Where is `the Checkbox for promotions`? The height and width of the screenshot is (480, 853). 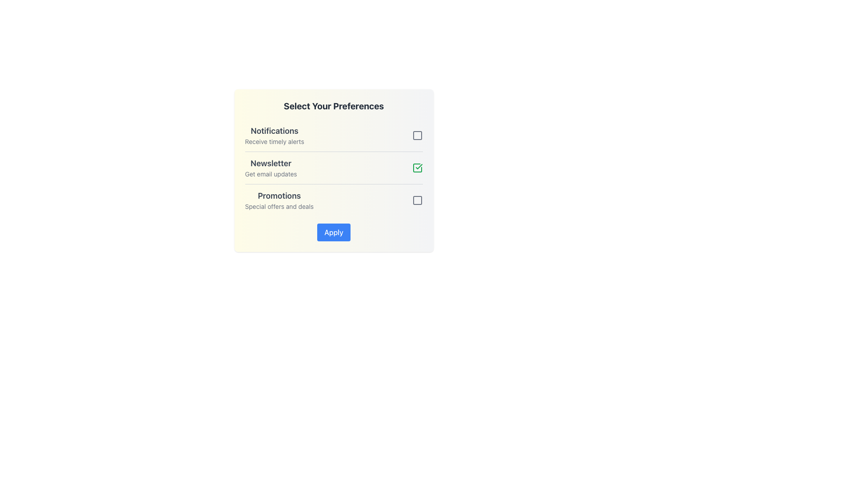 the Checkbox for promotions is located at coordinates (333, 200).